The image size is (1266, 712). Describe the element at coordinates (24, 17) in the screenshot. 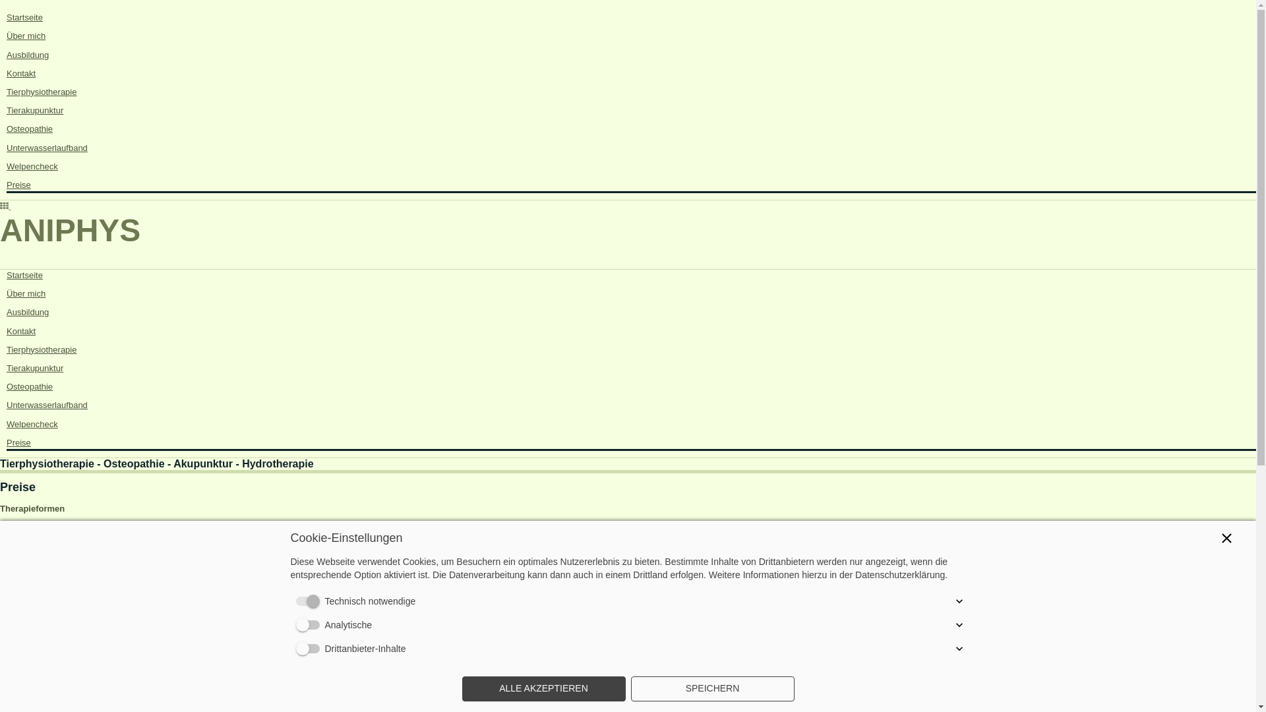

I see `'Startseite'` at that location.